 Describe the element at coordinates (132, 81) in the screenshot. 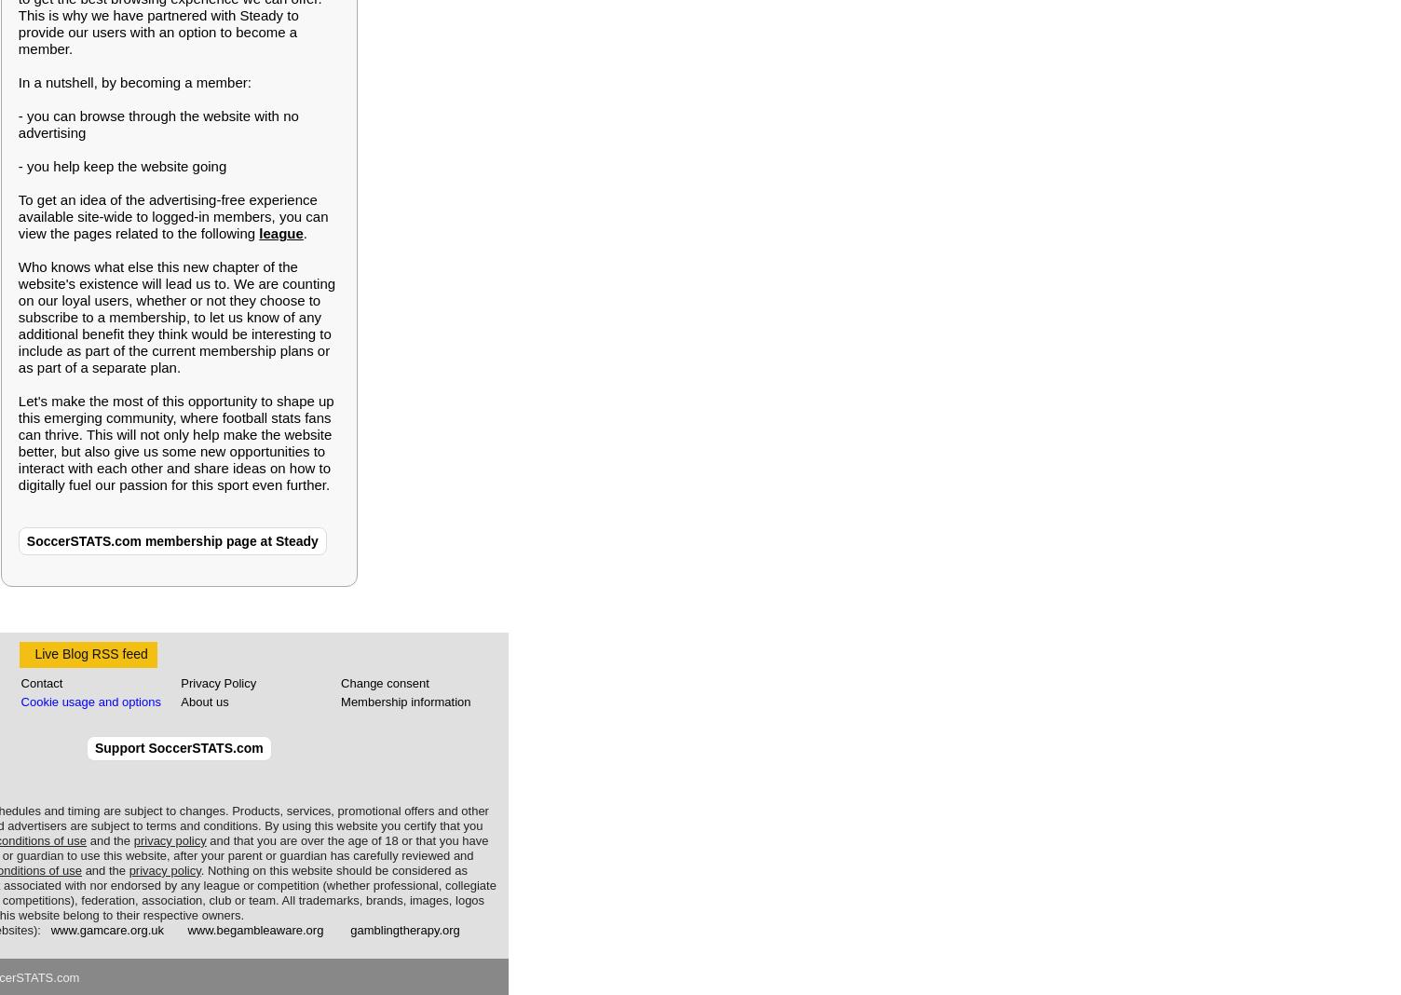

I see `'In a nutshell, by becoming a member:'` at that location.